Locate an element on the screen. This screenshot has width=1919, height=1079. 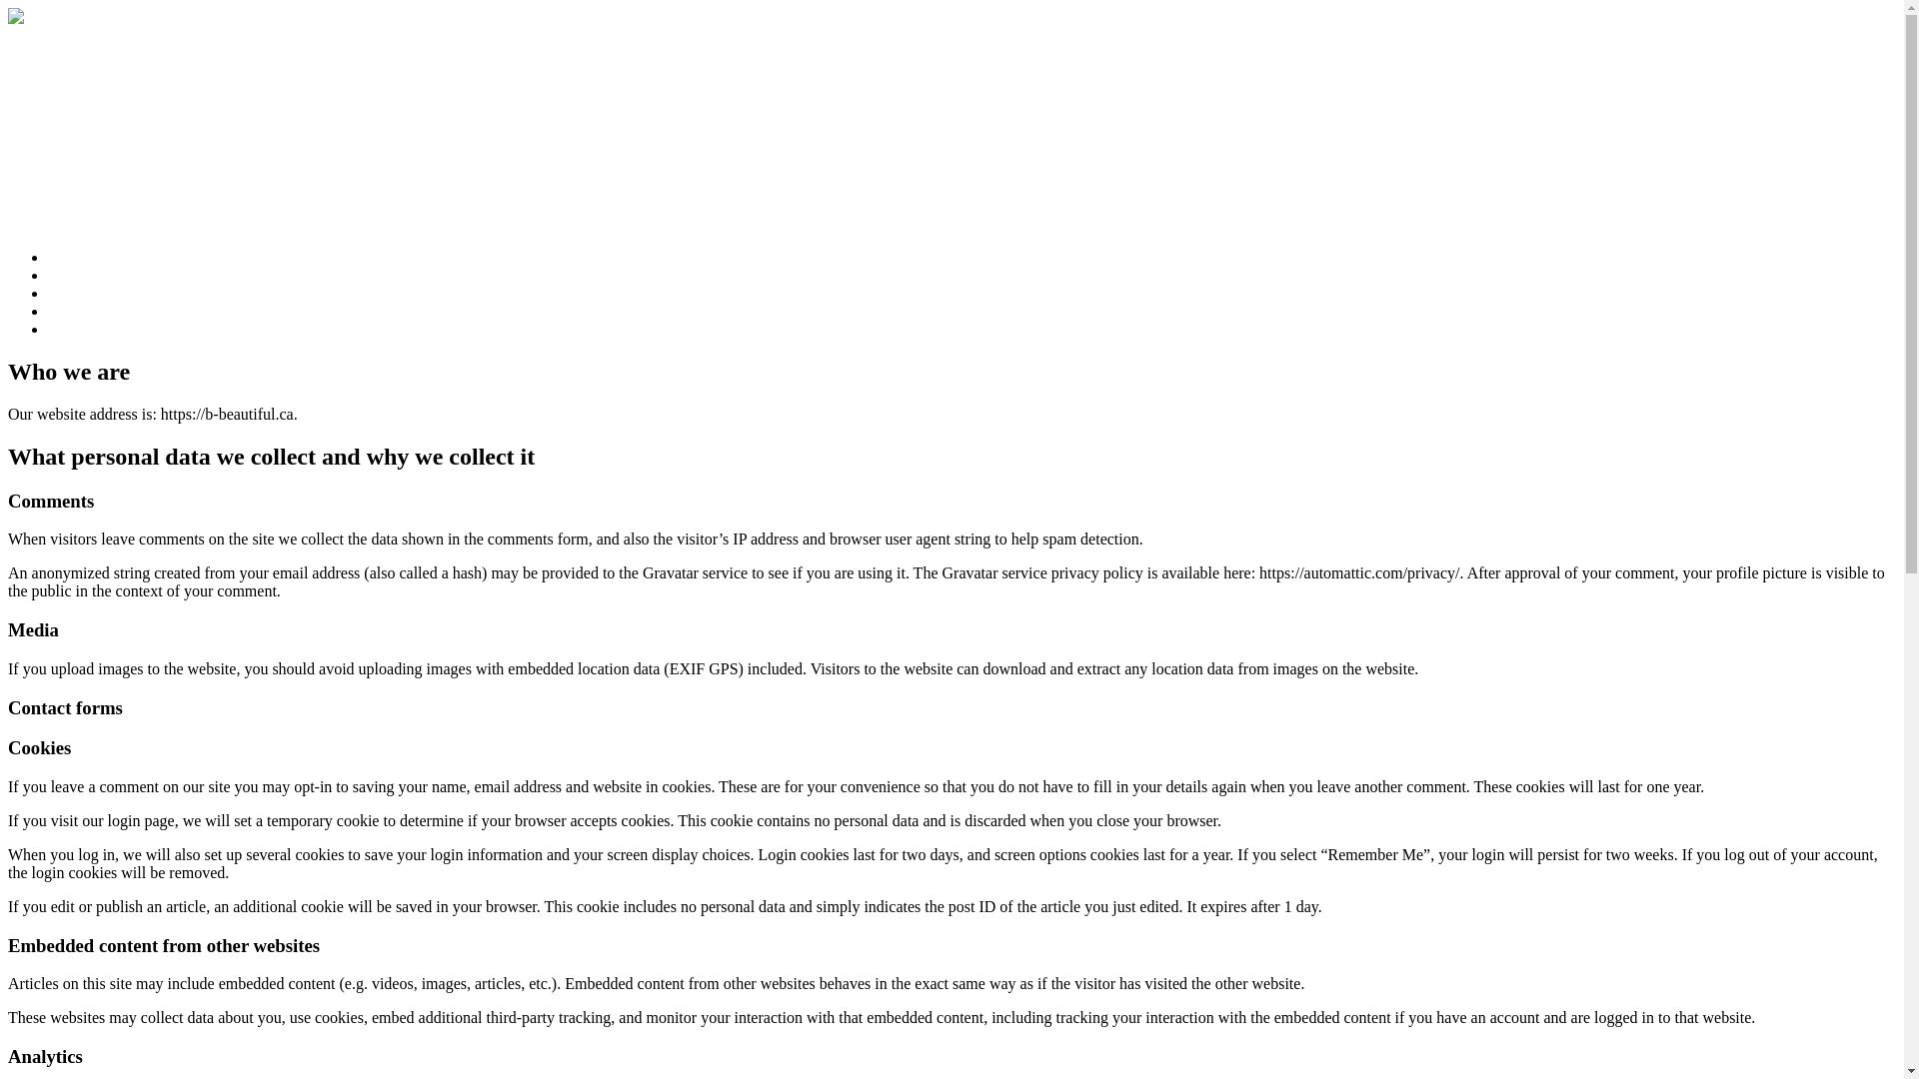
'PRICE LIST' is located at coordinates (88, 293).